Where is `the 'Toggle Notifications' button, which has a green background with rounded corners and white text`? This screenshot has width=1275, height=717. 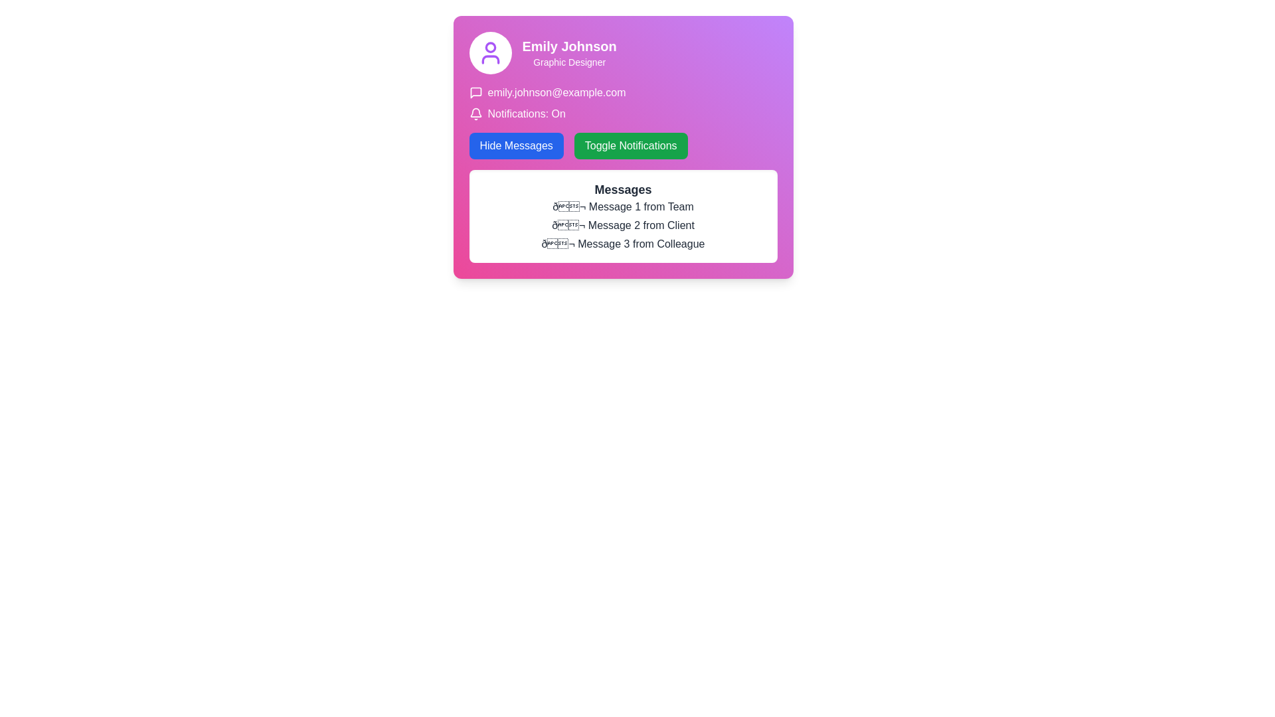
the 'Toggle Notifications' button, which has a green background with rounded corners and white text is located at coordinates (630, 145).